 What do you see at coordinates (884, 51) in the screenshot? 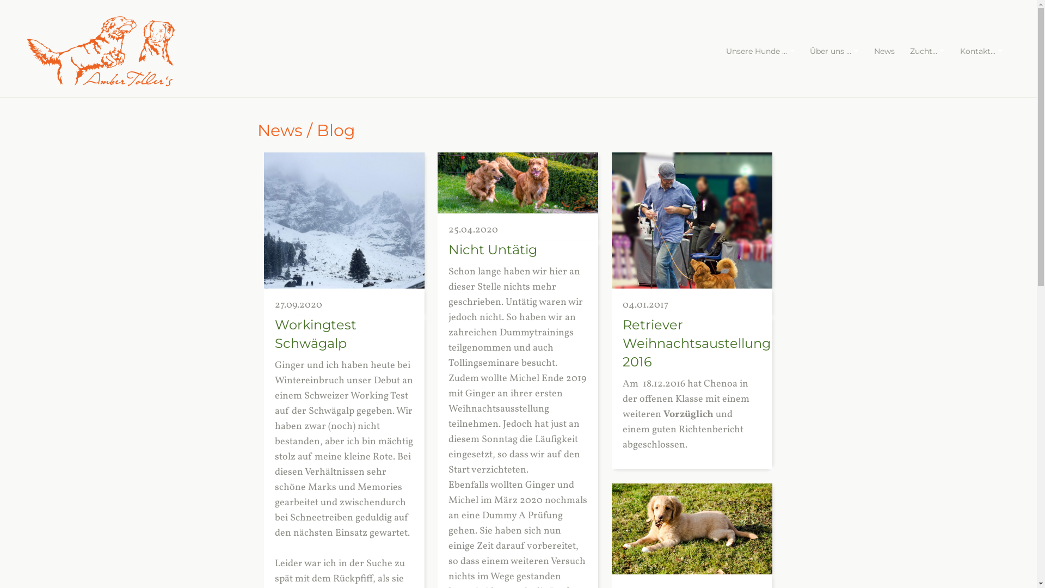
I see `'News'` at bounding box center [884, 51].